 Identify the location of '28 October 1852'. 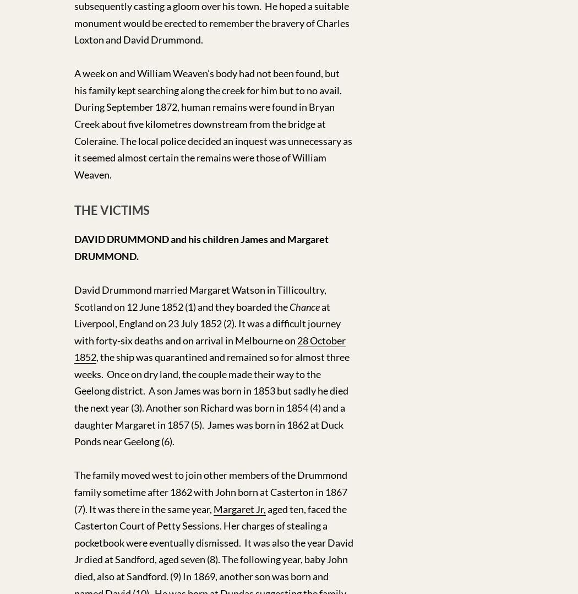
(210, 348).